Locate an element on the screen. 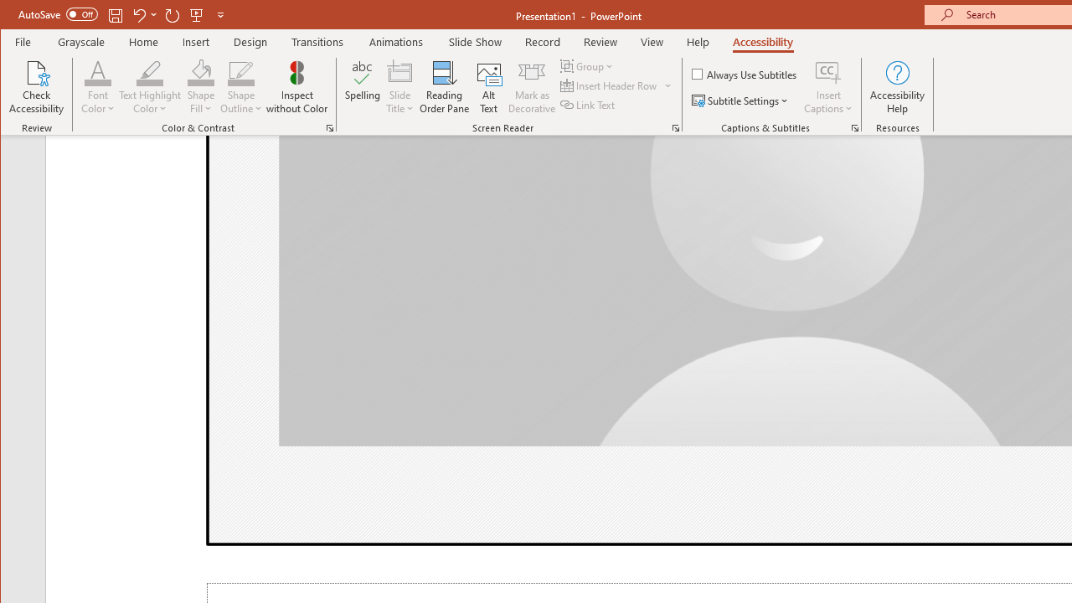 This screenshot has height=603, width=1072. 'Reading Order Pane' is located at coordinates (445, 87).